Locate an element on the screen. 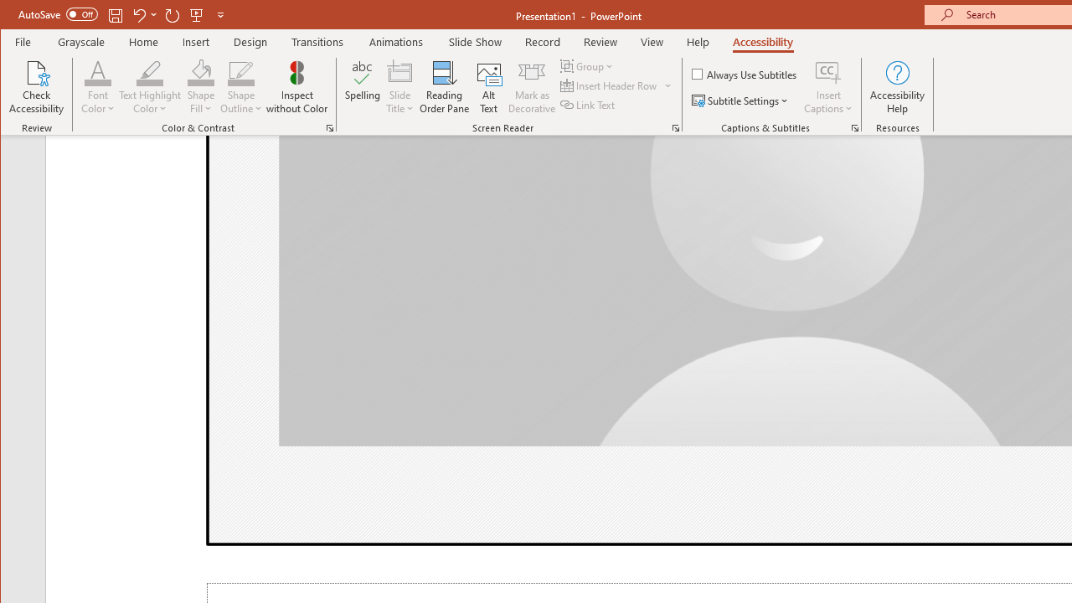 This screenshot has height=603, width=1072. 'Reading Order Pane' is located at coordinates (445, 87).